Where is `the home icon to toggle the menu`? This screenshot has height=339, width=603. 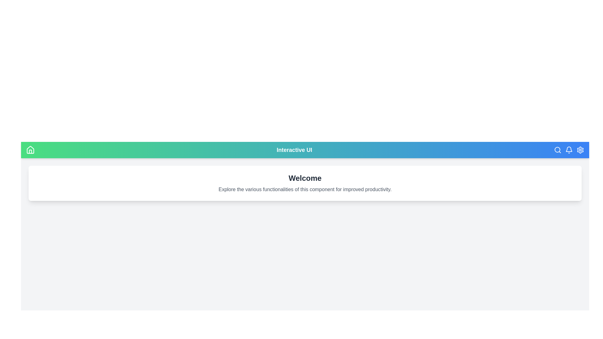
the home icon to toggle the menu is located at coordinates (30, 150).